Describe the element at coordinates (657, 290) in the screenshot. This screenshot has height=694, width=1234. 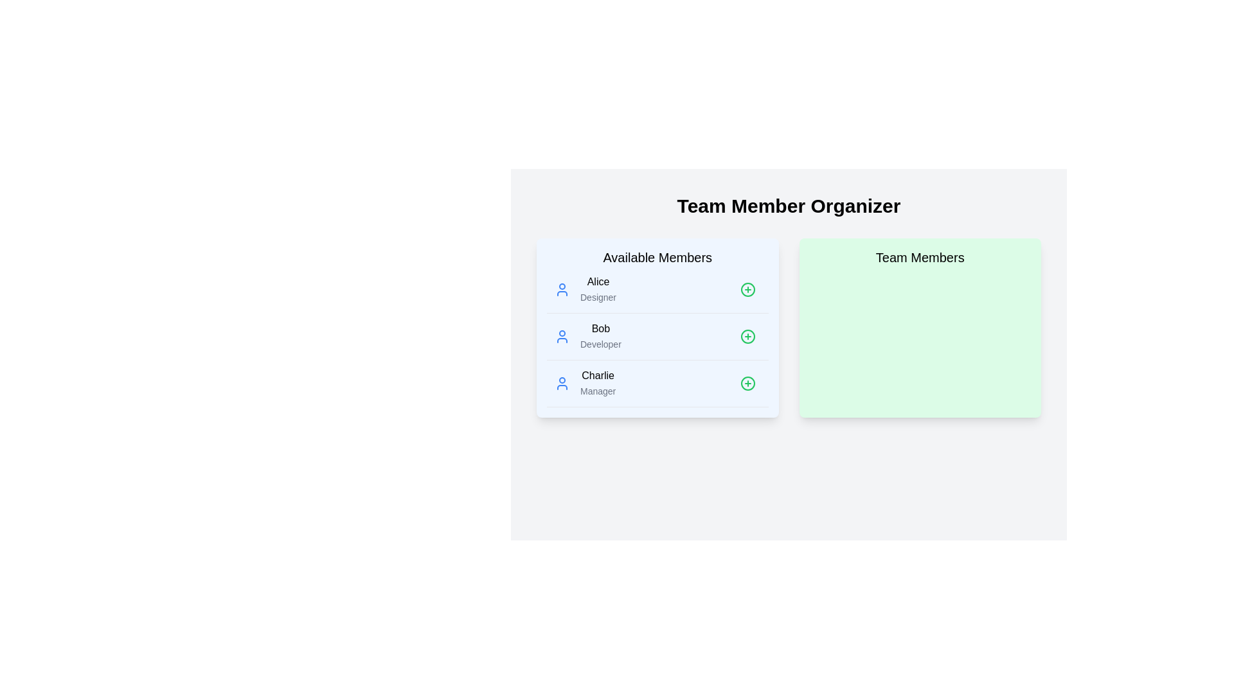
I see `user's name and role from the Information card located at the top of the 'Available Members' list, which displays the user's name and role, and includes a green circular button to add the user to a team` at that location.